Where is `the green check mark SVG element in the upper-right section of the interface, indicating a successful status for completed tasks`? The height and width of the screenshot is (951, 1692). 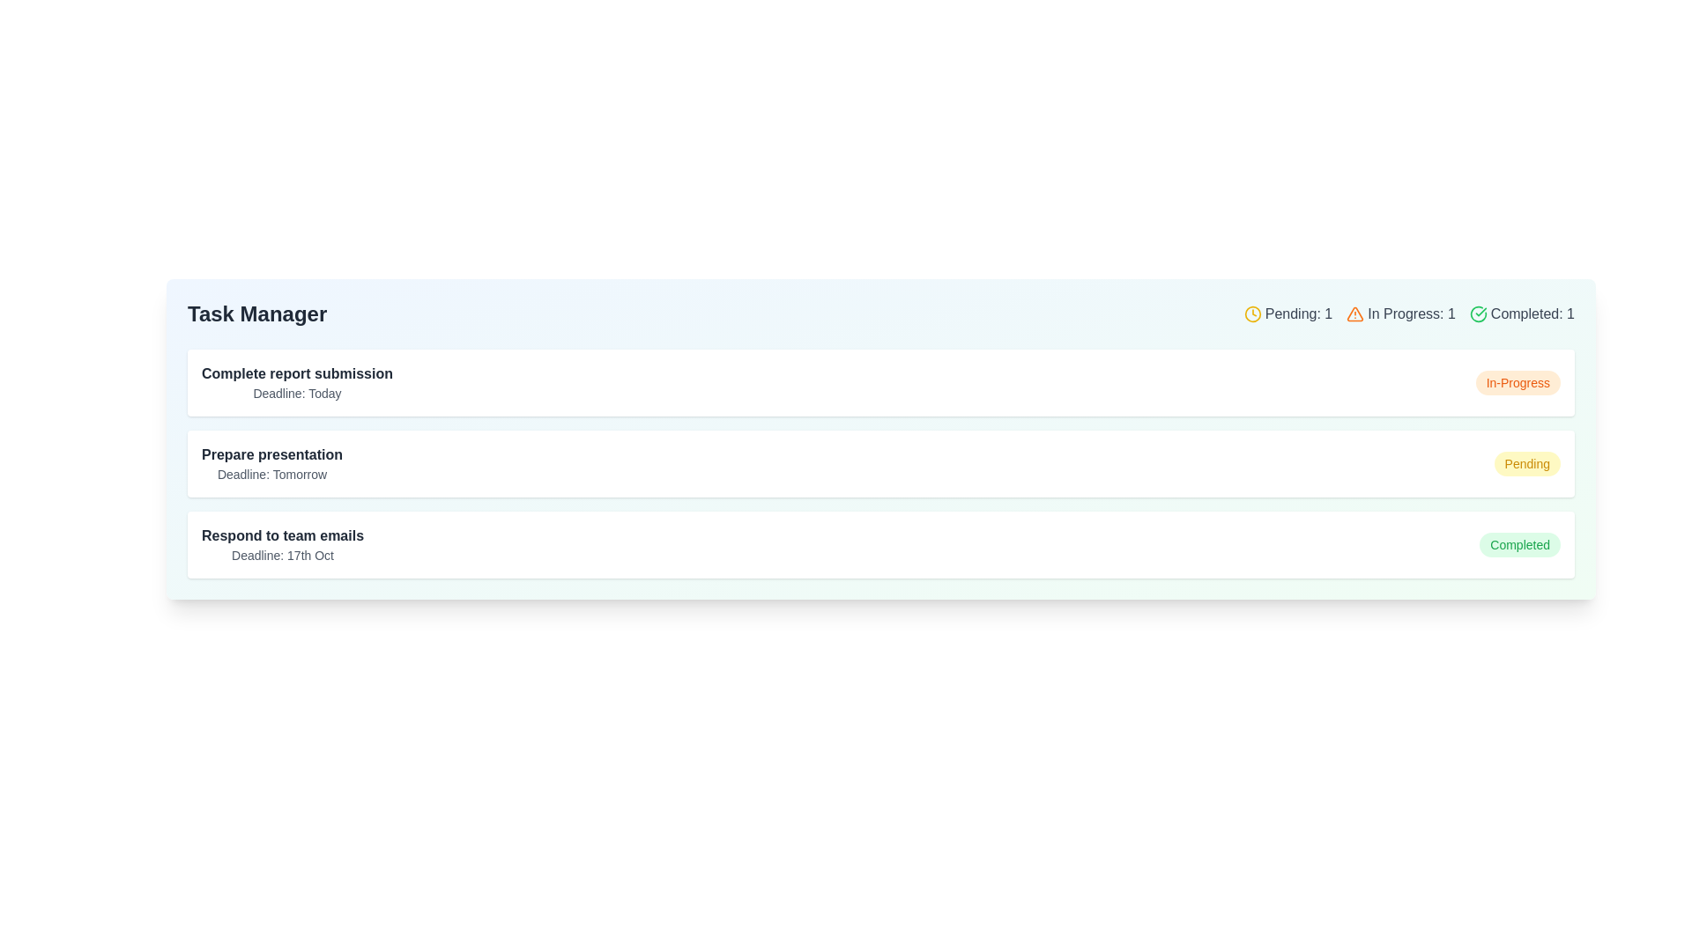 the green check mark SVG element in the upper-right section of the interface, indicating a successful status for completed tasks is located at coordinates (1478, 313).